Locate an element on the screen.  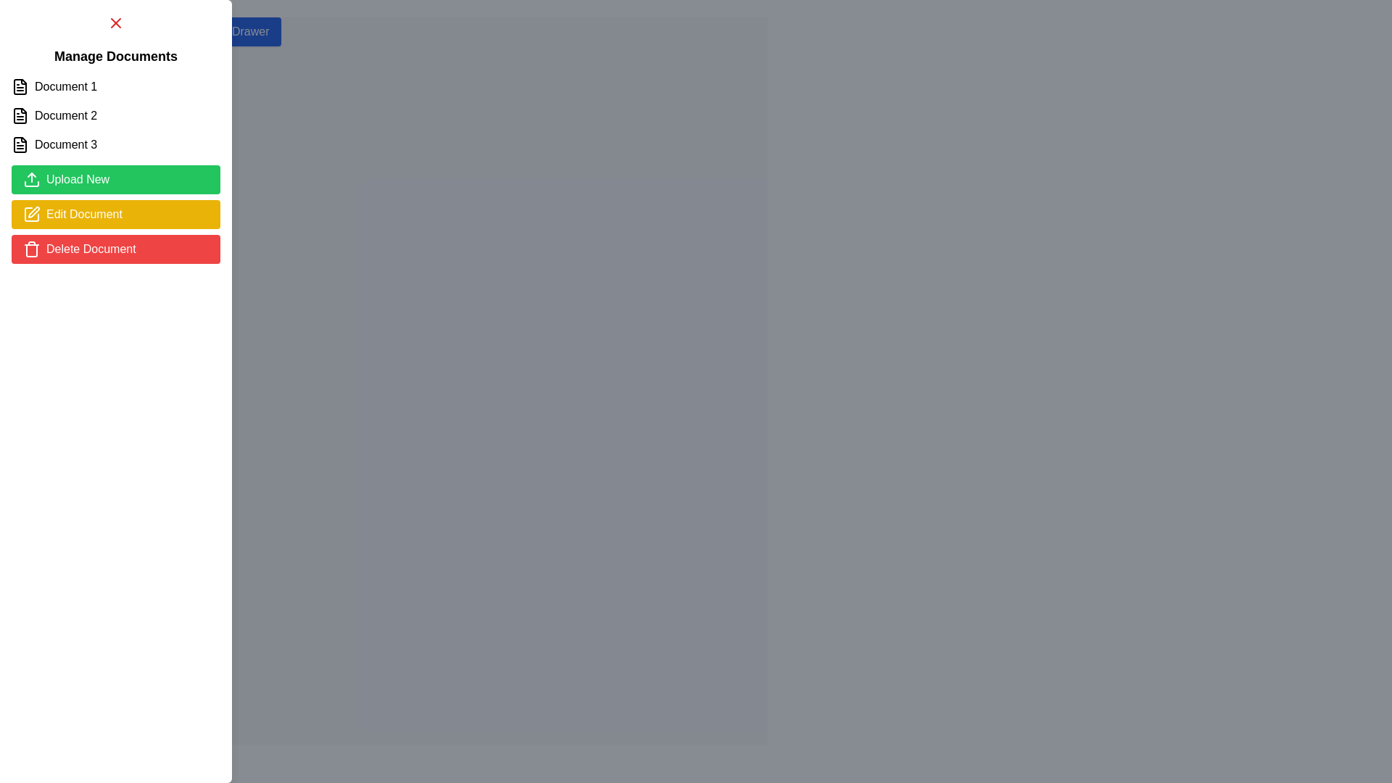
the document icon is located at coordinates (20, 145).